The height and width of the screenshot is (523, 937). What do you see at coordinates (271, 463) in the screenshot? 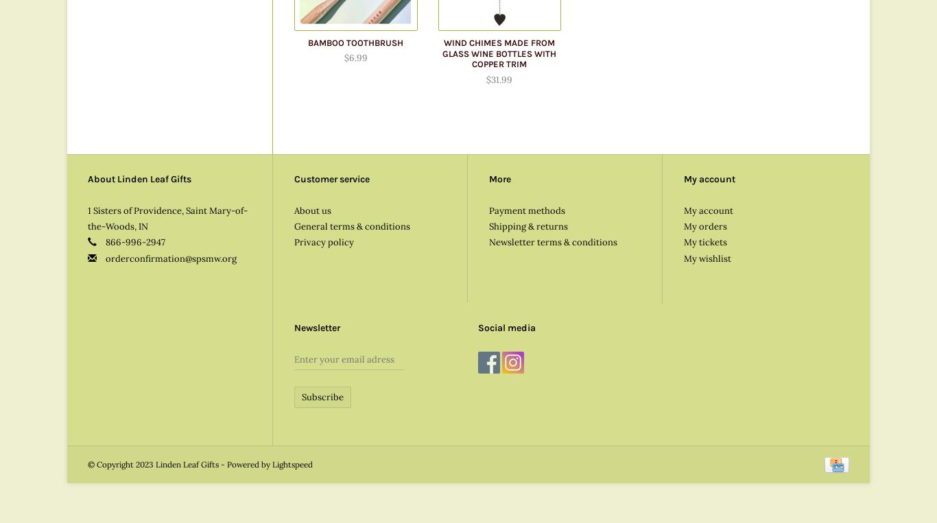
I see `'Lightspeed'` at bounding box center [271, 463].